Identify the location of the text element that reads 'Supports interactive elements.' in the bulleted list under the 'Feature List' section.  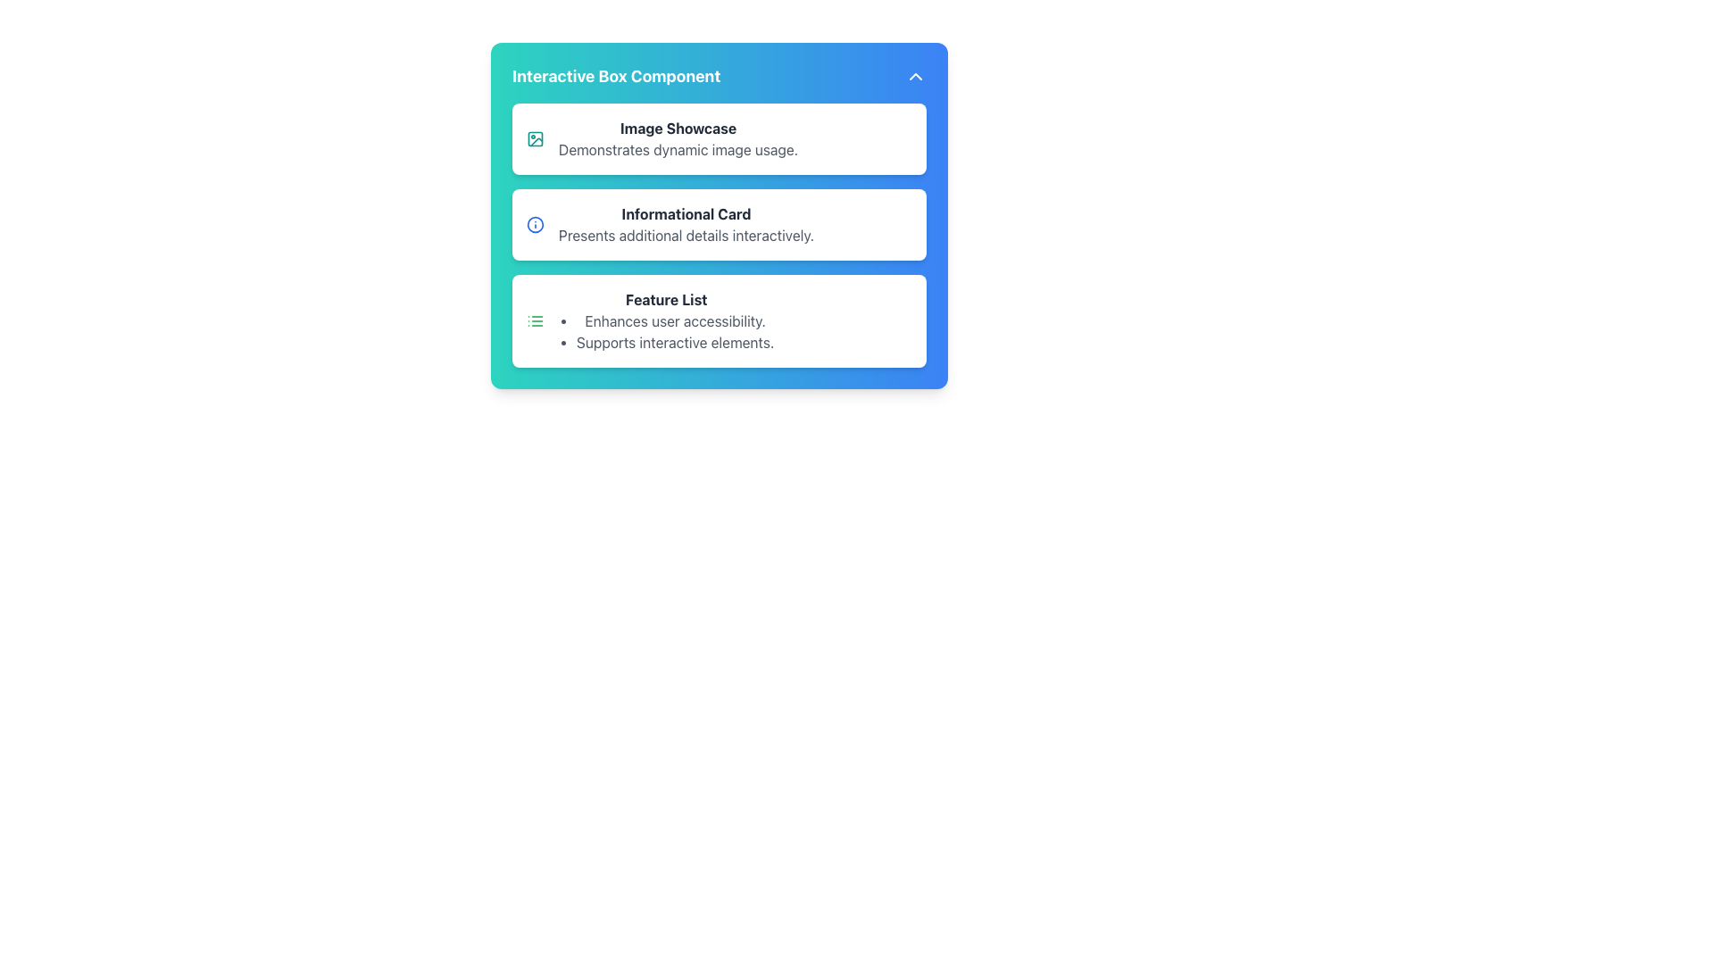
(674, 343).